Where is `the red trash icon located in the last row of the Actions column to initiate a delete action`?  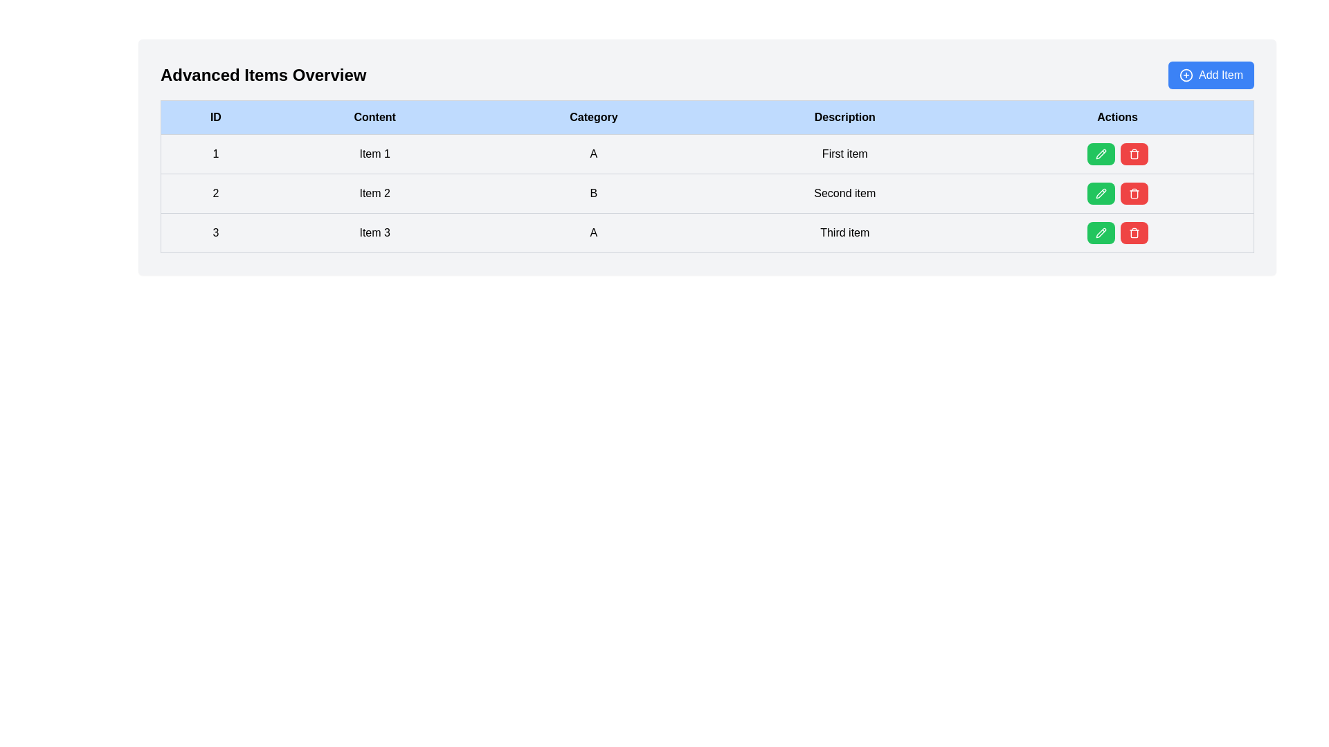
the red trash icon located in the last row of the Actions column to initiate a delete action is located at coordinates (1134, 154).